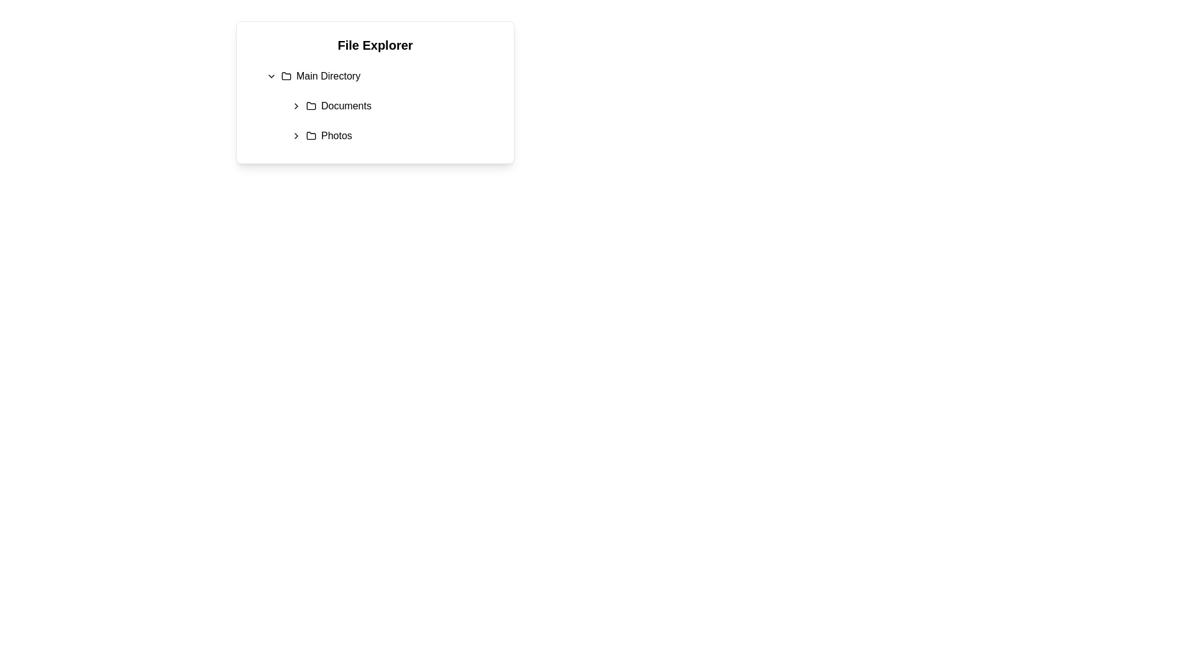 The width and height of the screenshot is (1193, 671). I want to click on the third clickable list item labeled 'Photos' in the file directory interface, so click(329, 136).